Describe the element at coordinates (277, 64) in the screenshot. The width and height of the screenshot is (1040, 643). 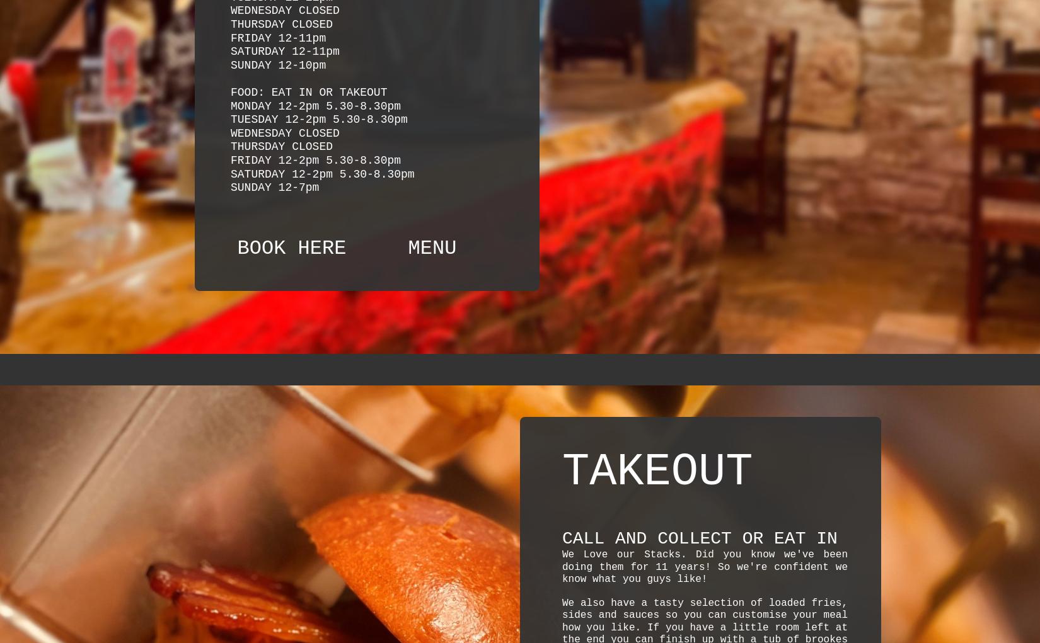
I see `'SUNDAY 12-10pm'` at that location.